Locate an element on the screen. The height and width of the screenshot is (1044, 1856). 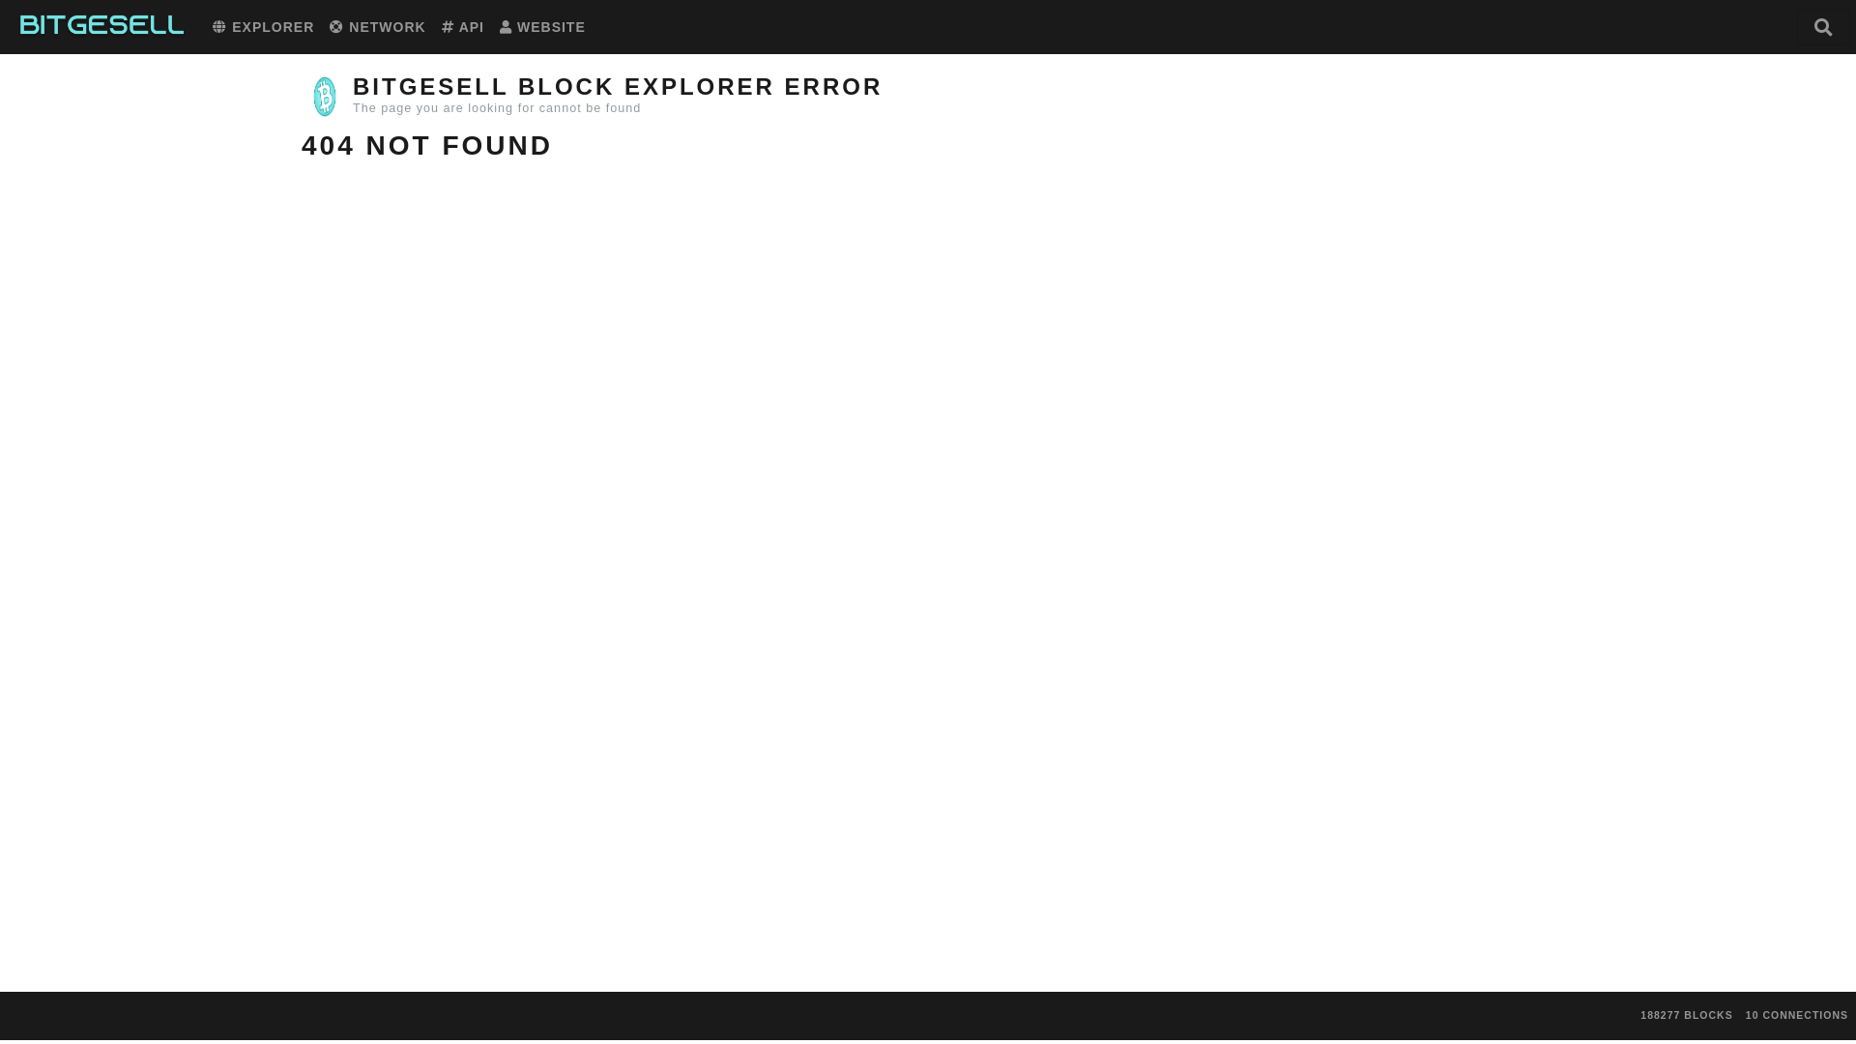
'WEBSITE' is located at coordinates (541, 27).